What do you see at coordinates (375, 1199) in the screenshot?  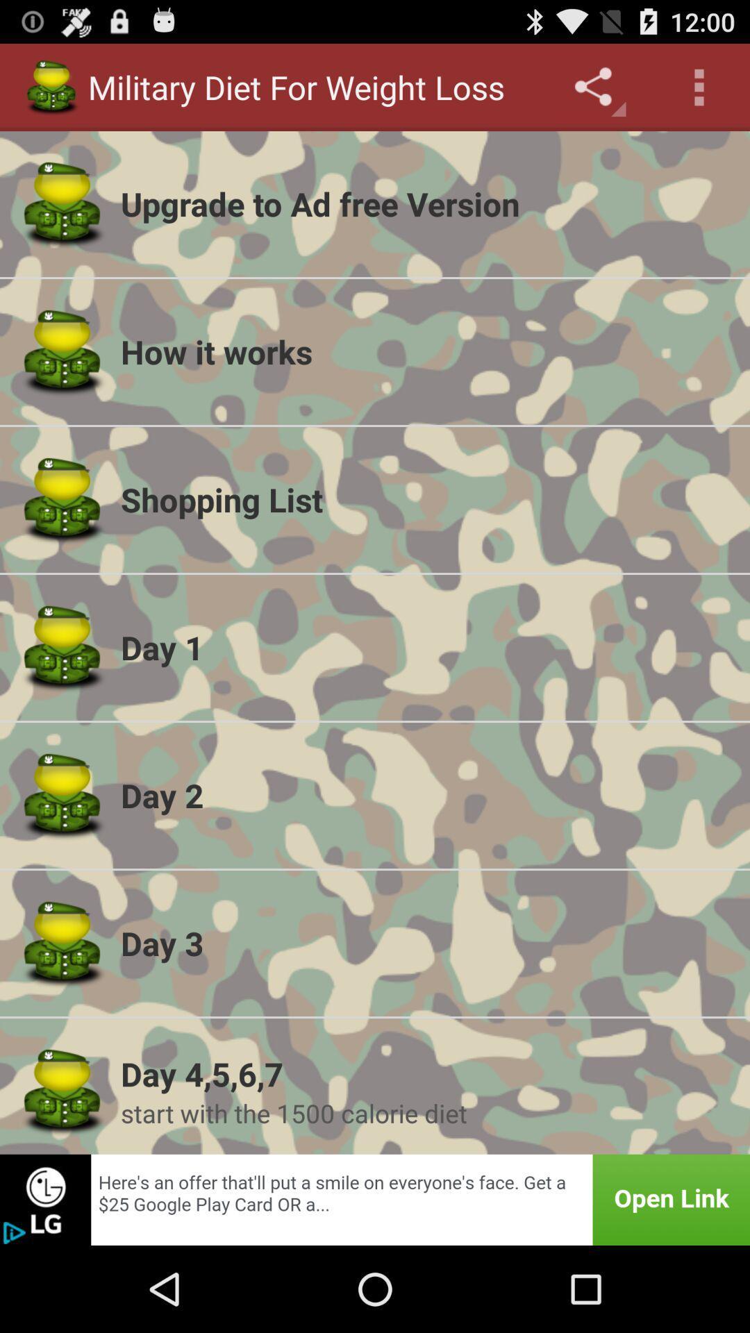 I see `web add` at bounding box center [375, 1199].